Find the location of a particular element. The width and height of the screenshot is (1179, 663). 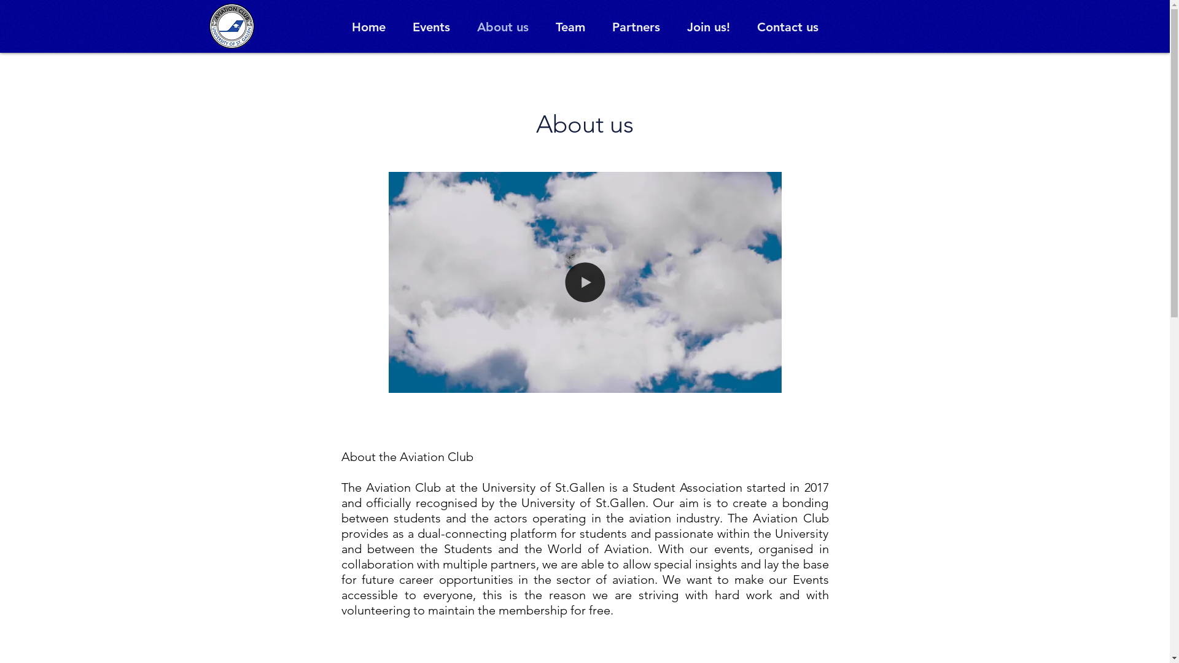

'Join us!' is located at coordinates (708, 27).